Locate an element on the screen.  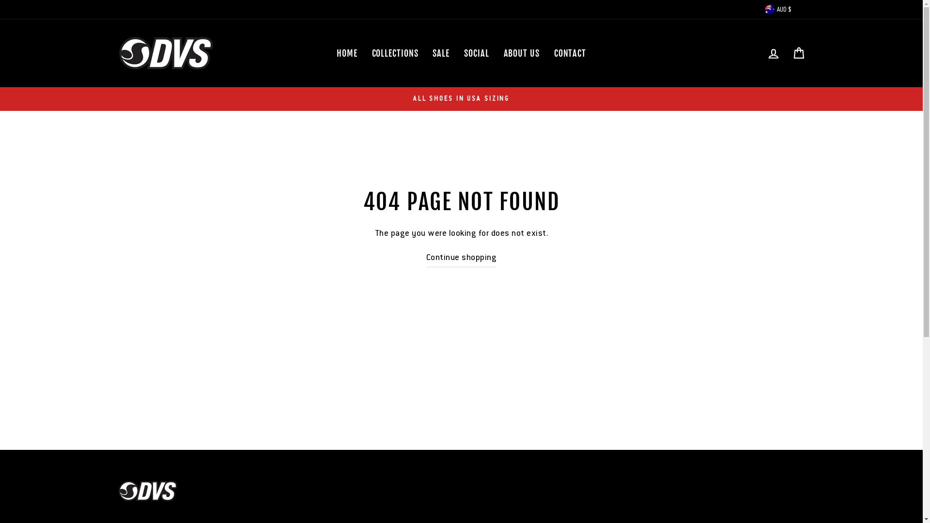
'COLLECTIONS' is located at coordinates (364, 53).